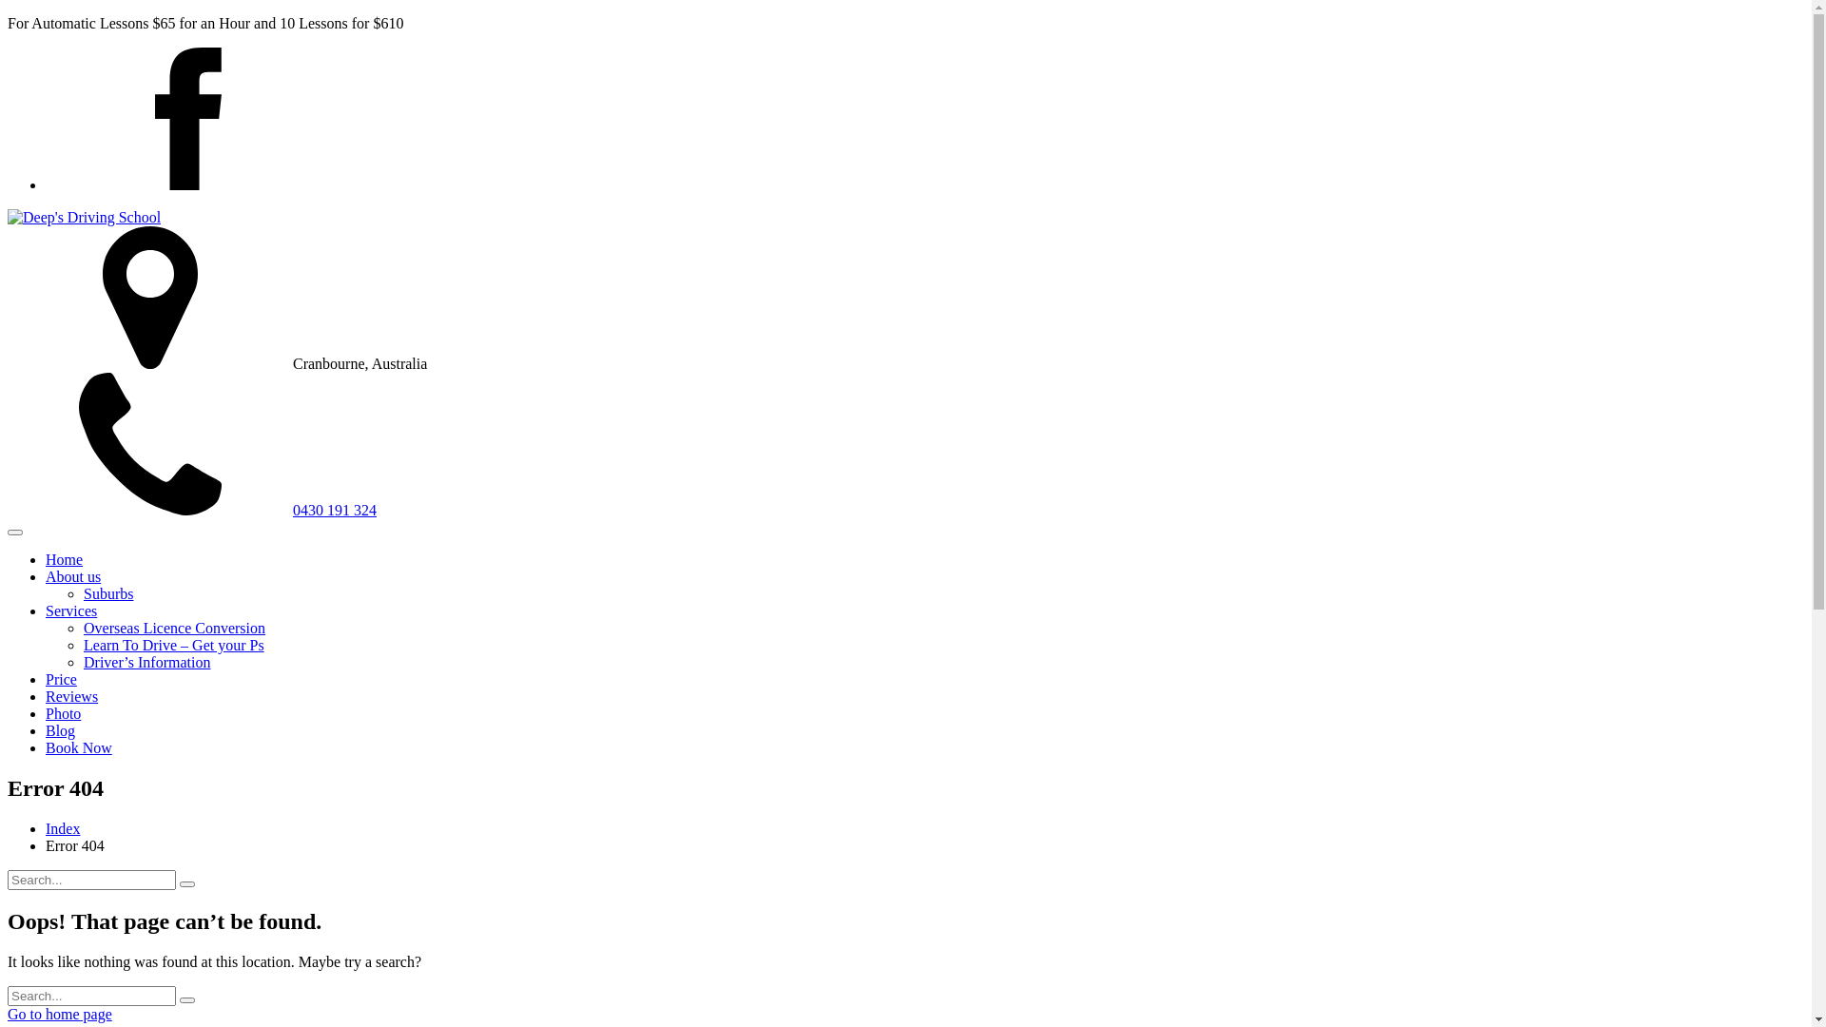 Image resolution: width=1826 pixels, height=1027 pixels. What do you see at coordinates (63, 827) in the screenshot?
I see `'Index'` at bounding box center [63, 827].